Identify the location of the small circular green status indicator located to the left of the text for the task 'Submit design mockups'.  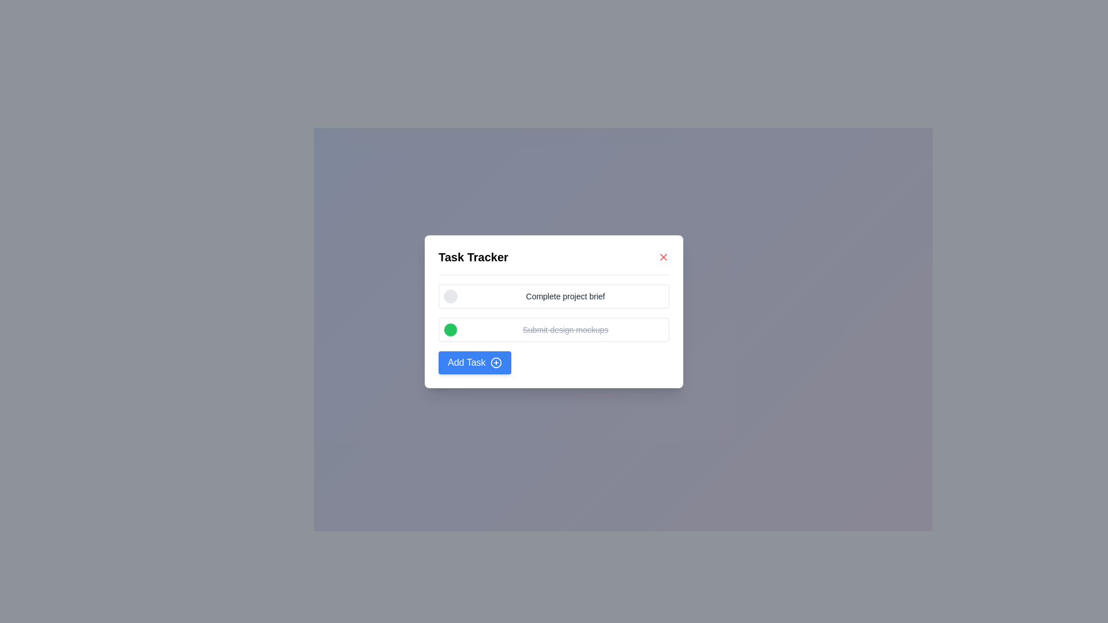
(450, 329).